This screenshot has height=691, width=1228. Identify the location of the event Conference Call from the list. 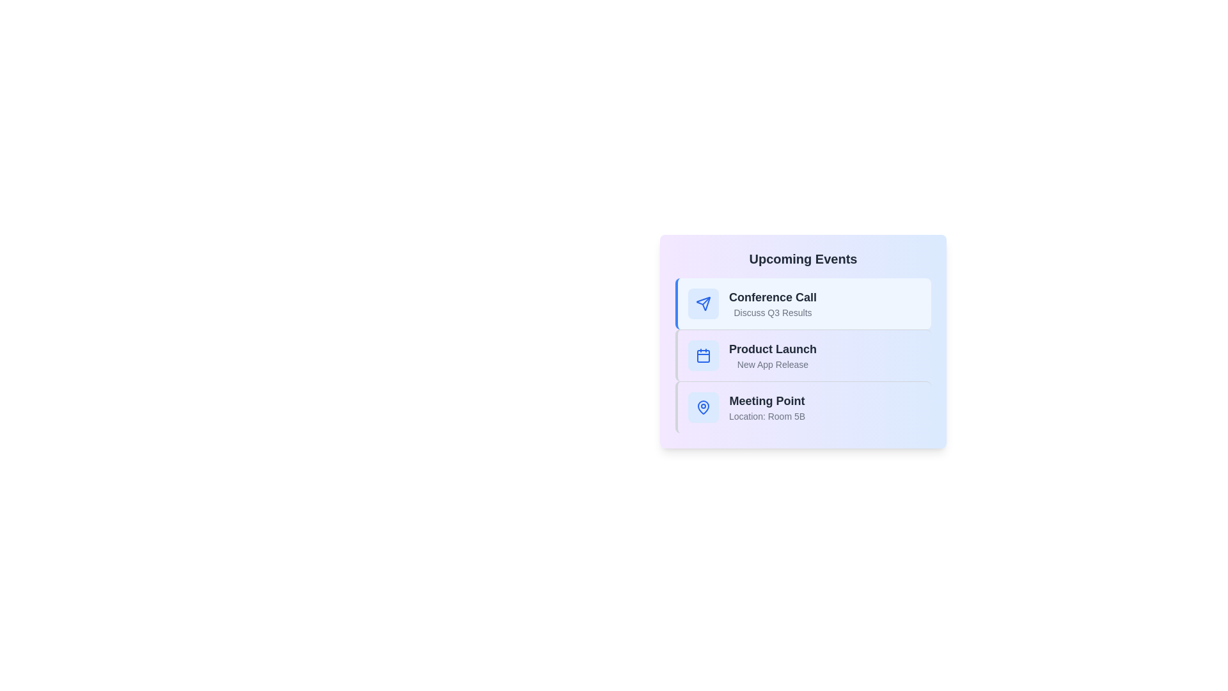
(803, 303).